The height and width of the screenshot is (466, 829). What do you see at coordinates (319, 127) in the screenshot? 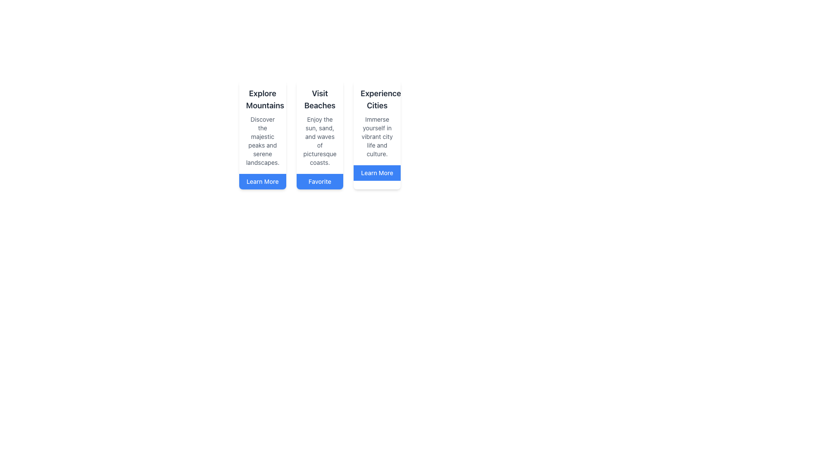
I see `the text description block titled 'Visit Beaches' which contains the title and descriptive text about enjoying picturesque coasts` at bounding box center [319, 127].